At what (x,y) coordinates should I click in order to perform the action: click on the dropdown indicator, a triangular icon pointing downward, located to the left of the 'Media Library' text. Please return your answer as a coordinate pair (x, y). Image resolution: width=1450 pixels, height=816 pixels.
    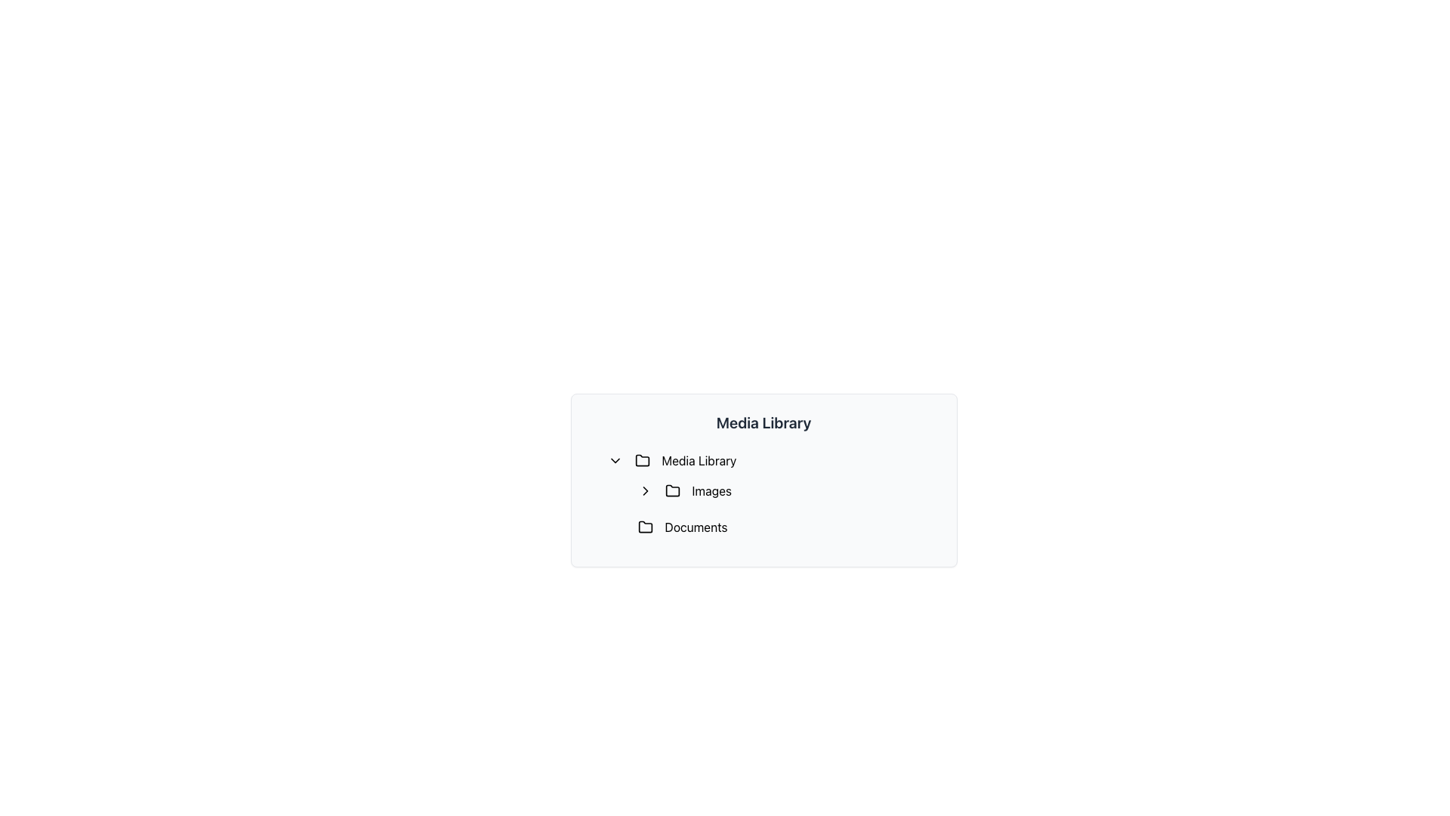
    Looking at the image, I should click on (615, 459).